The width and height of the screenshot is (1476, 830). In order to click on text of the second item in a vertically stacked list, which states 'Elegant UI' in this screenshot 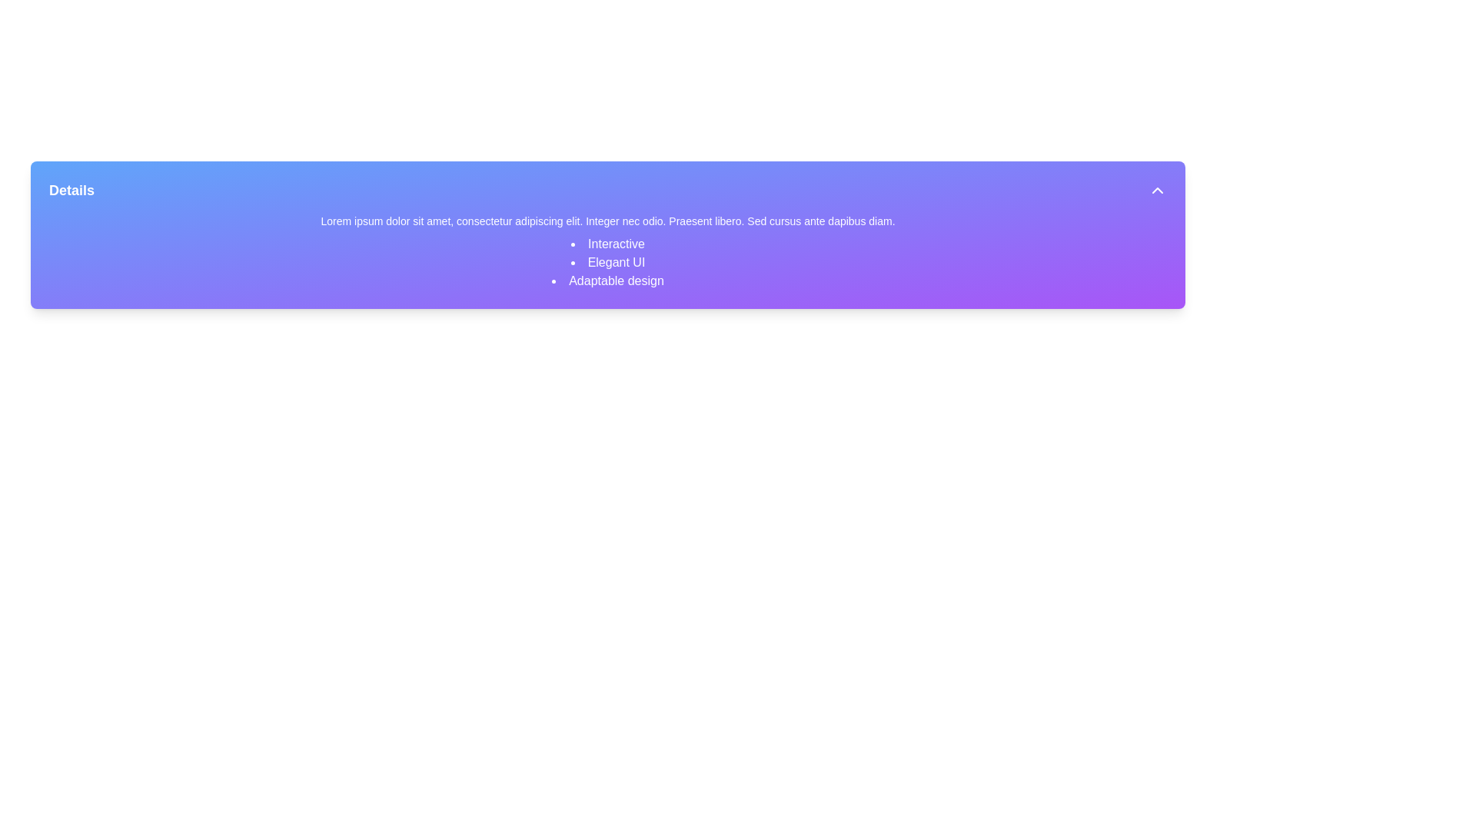, I will do `click(607, 262)`.